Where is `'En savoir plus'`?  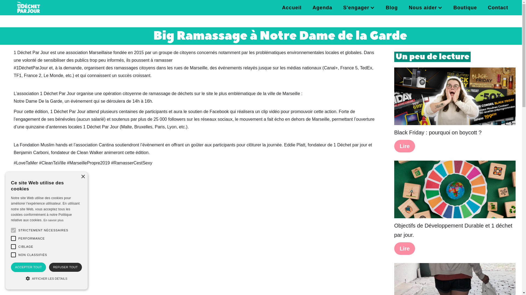
'En savoir plus' is located at coordinates (43, 220).